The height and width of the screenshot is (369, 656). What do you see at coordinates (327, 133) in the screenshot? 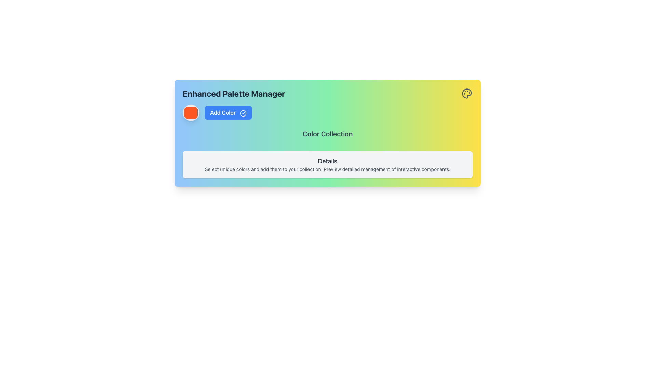
I see `the interactive elements within the 'Enhanced Palette Manager' section, which includes buttons and color circles` at bounding box center [327, 133].